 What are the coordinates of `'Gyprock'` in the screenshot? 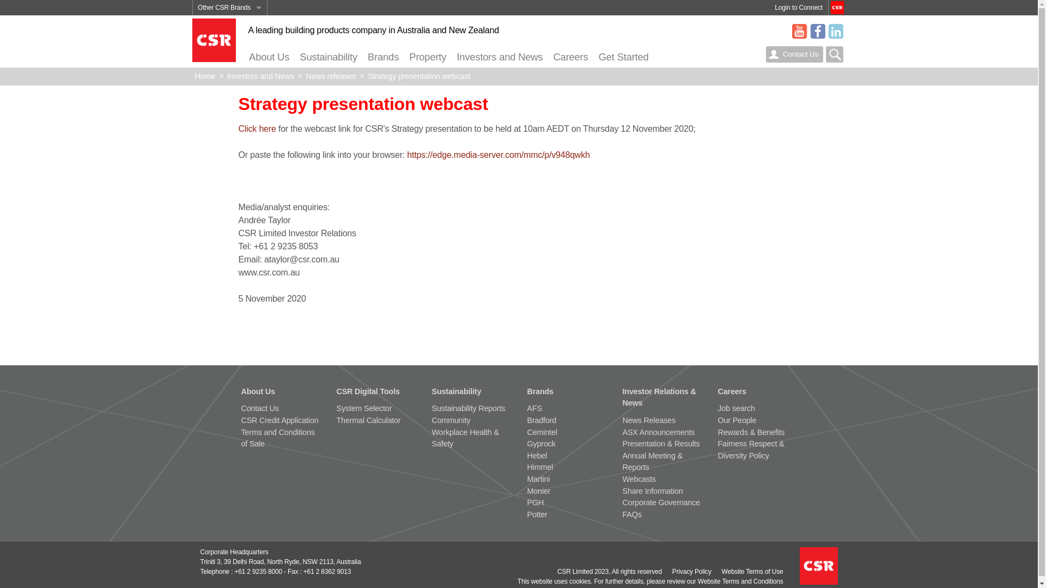 It's located at (541, 443).